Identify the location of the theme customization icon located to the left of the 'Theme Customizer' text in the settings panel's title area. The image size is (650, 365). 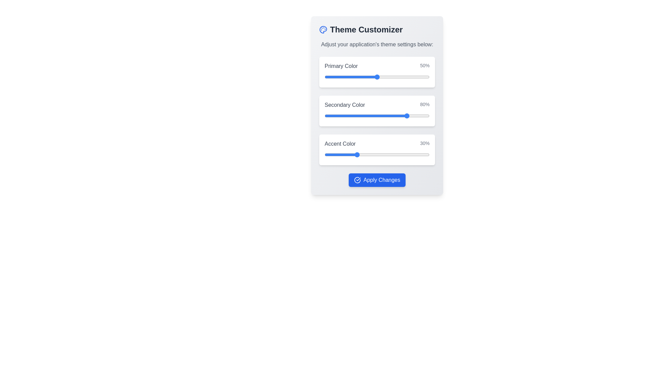
(323, 29).